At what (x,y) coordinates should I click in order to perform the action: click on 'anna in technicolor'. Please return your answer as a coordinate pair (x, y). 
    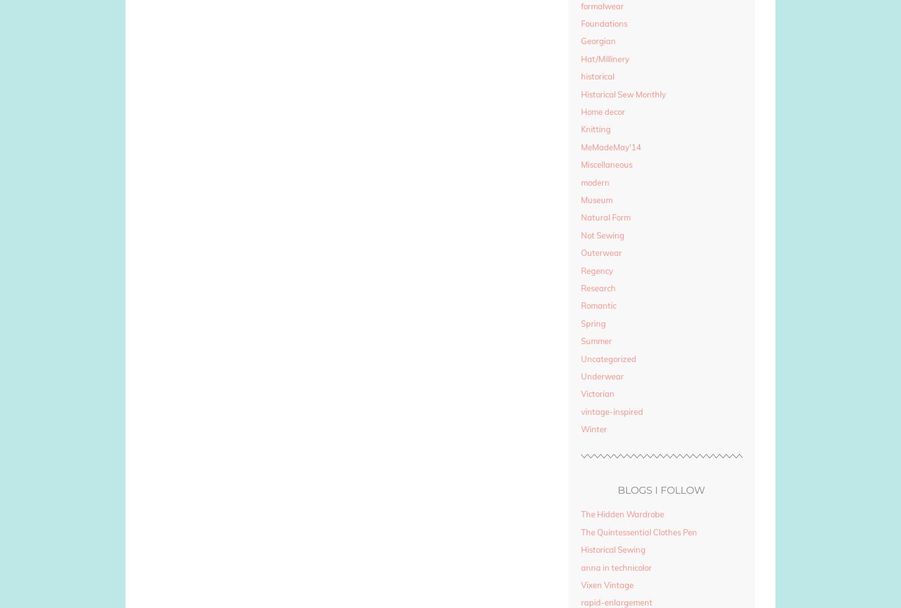
    Looking at the image, I should click on (615, 566).